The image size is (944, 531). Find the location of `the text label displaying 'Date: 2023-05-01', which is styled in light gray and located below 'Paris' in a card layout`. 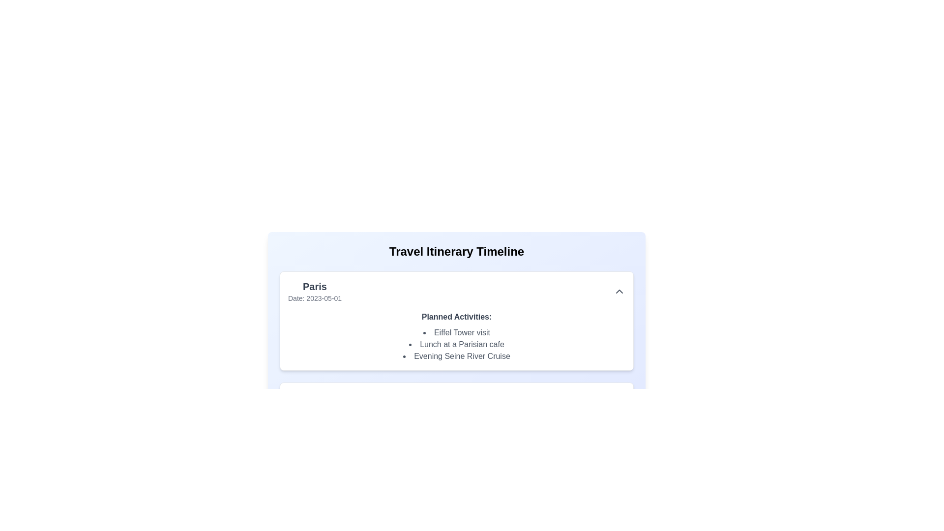

the text label displaying 'Date: 2023-05-01', which is styled in light gray and located below 'Paris' in a card layout is located at coordinates (315, 297).